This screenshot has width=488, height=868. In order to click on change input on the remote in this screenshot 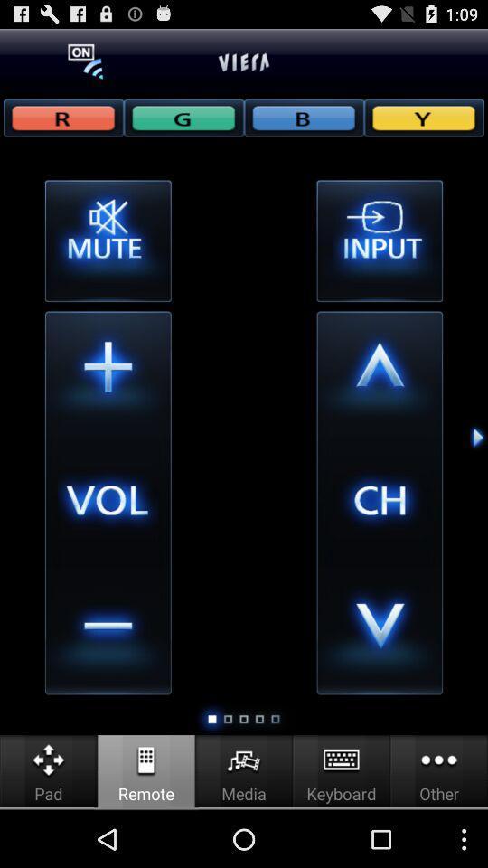, I will do `click(379, 240)`.